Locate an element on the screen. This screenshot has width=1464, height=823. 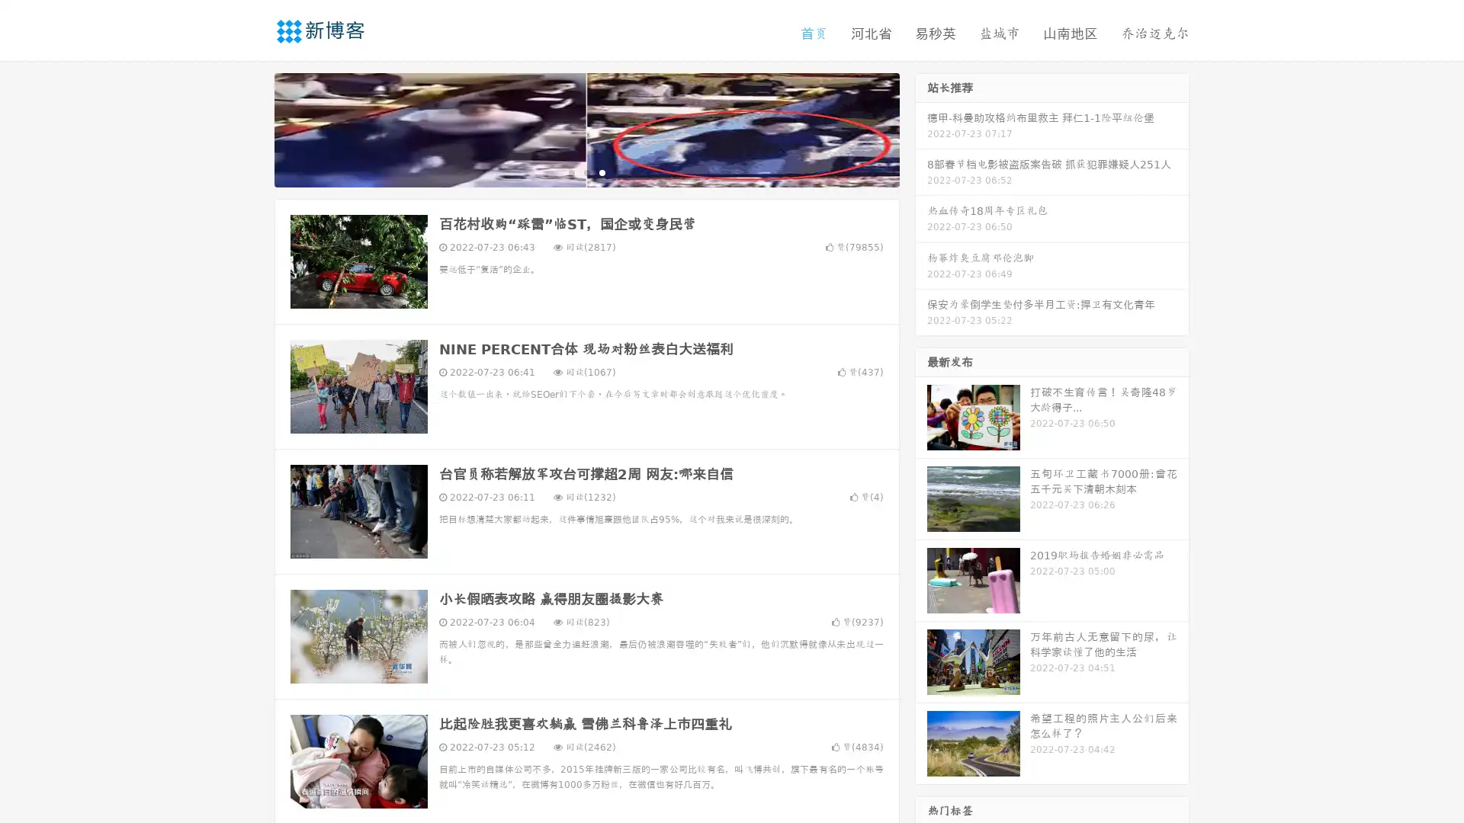
Previous slide is located at coordinates (252, 128).